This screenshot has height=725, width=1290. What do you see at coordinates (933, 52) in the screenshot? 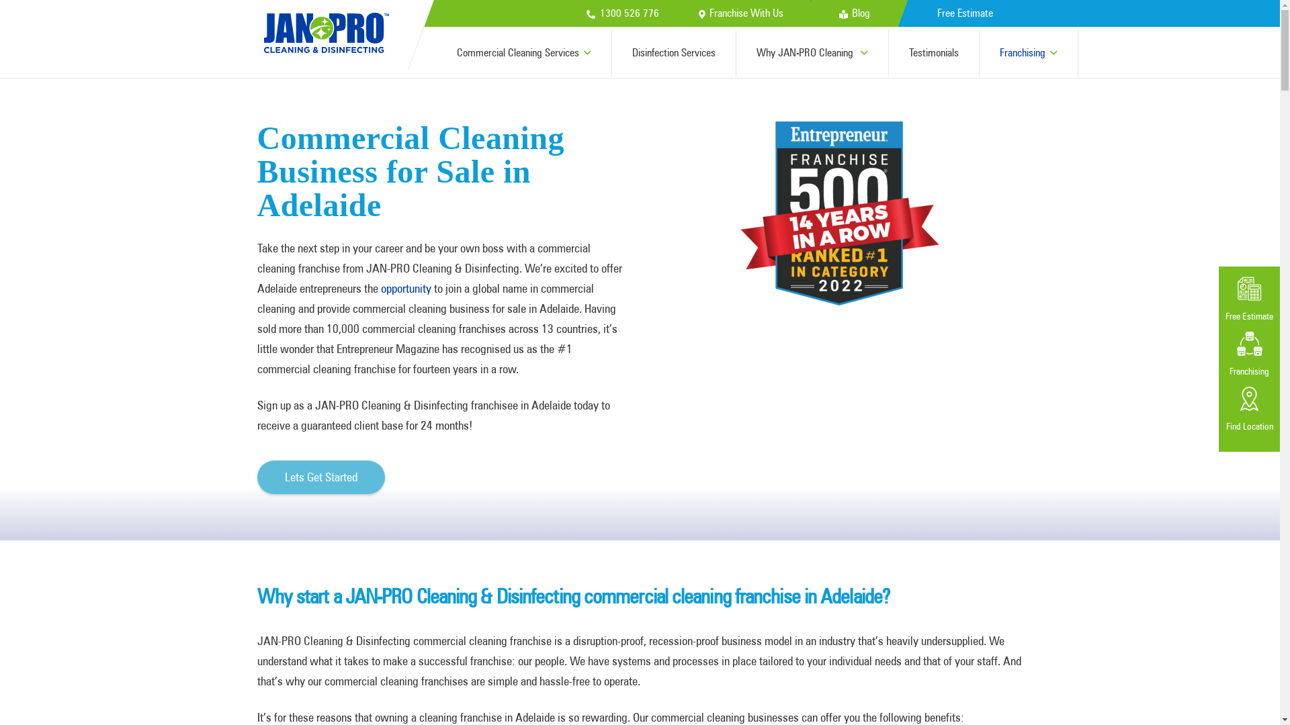
I see `'Testimonials'` at bounding box center [933, 52].